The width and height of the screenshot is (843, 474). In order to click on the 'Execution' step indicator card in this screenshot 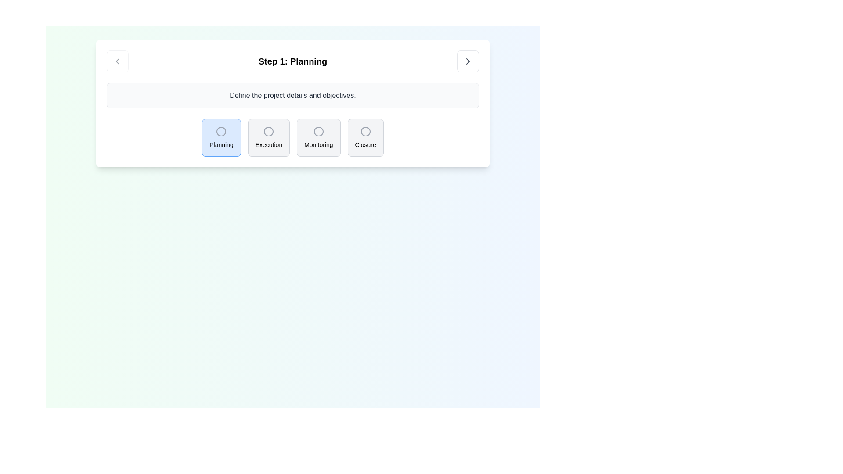, I will do `click(268, 137)`.